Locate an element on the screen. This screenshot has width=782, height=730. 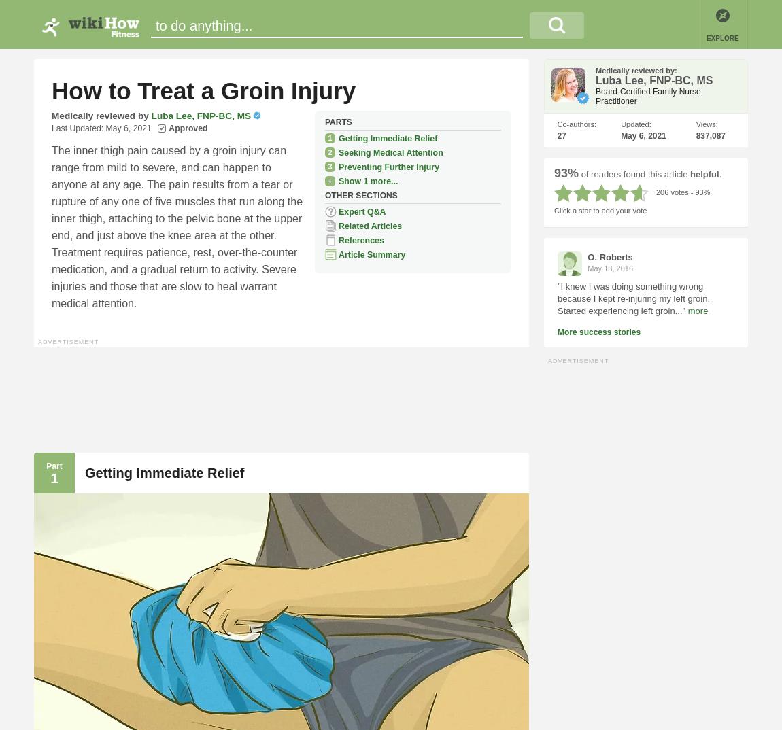
'2' is located at coordinates (329, 150).